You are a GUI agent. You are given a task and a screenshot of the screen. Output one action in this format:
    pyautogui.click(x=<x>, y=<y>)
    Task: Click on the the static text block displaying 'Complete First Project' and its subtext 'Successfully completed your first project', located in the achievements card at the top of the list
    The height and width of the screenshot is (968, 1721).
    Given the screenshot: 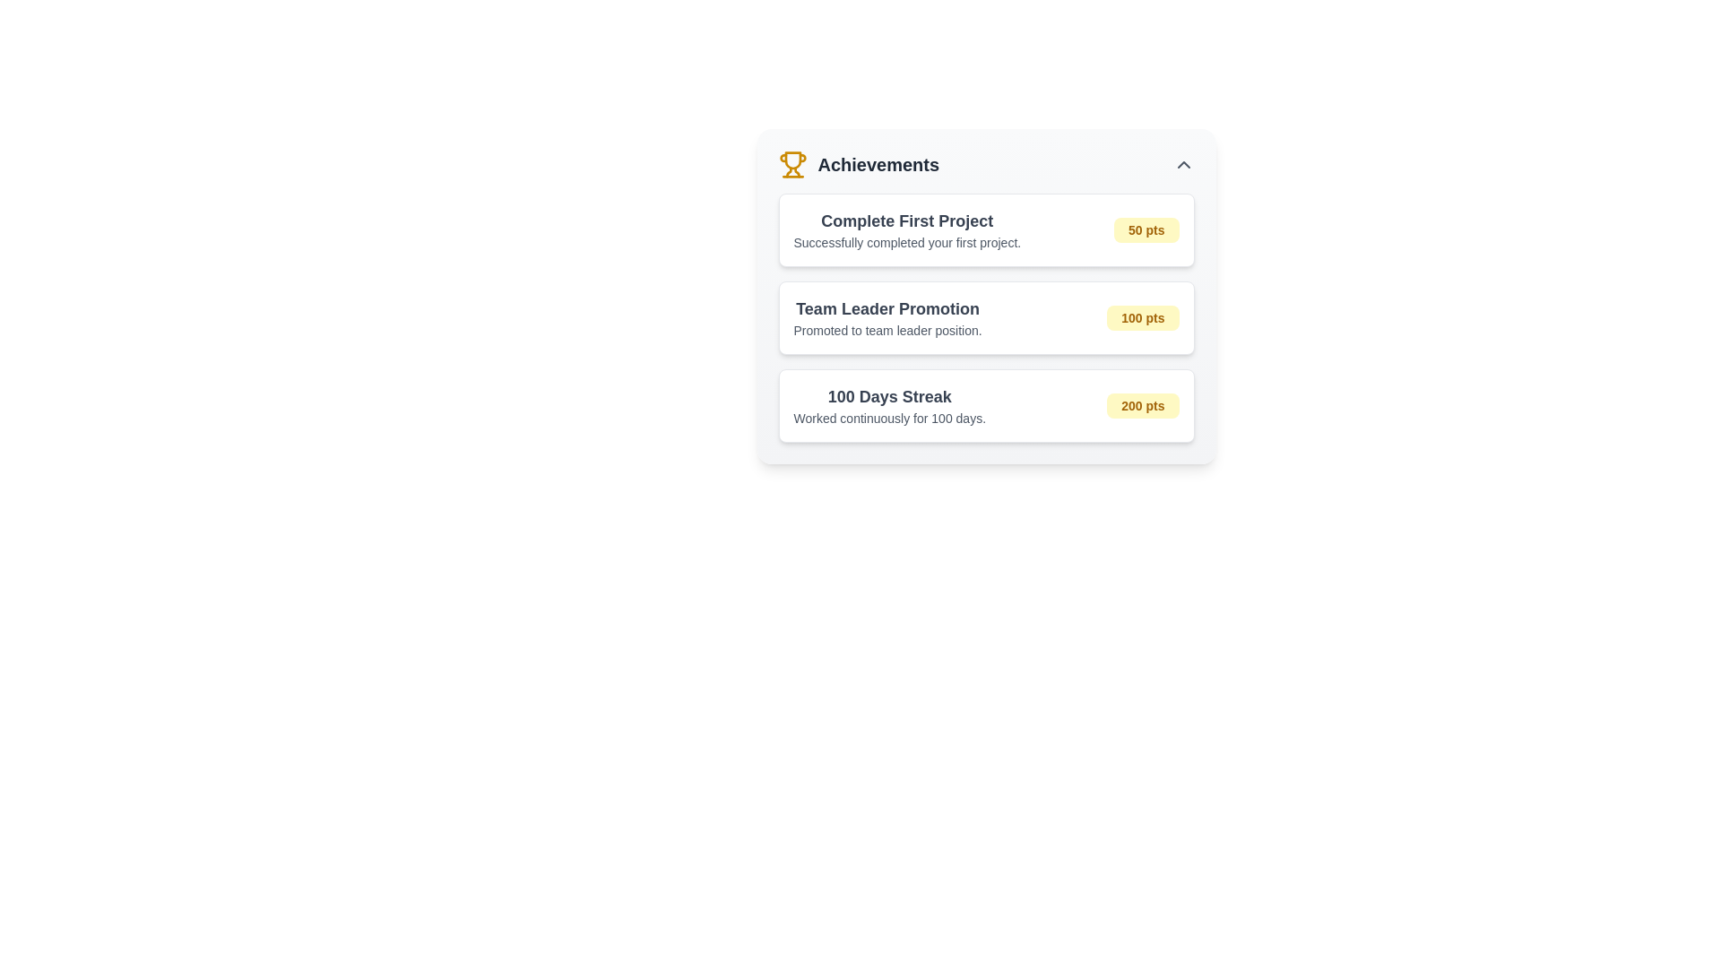 What is the action you would take?
    pyautogui.click(x=907, y=229)
    